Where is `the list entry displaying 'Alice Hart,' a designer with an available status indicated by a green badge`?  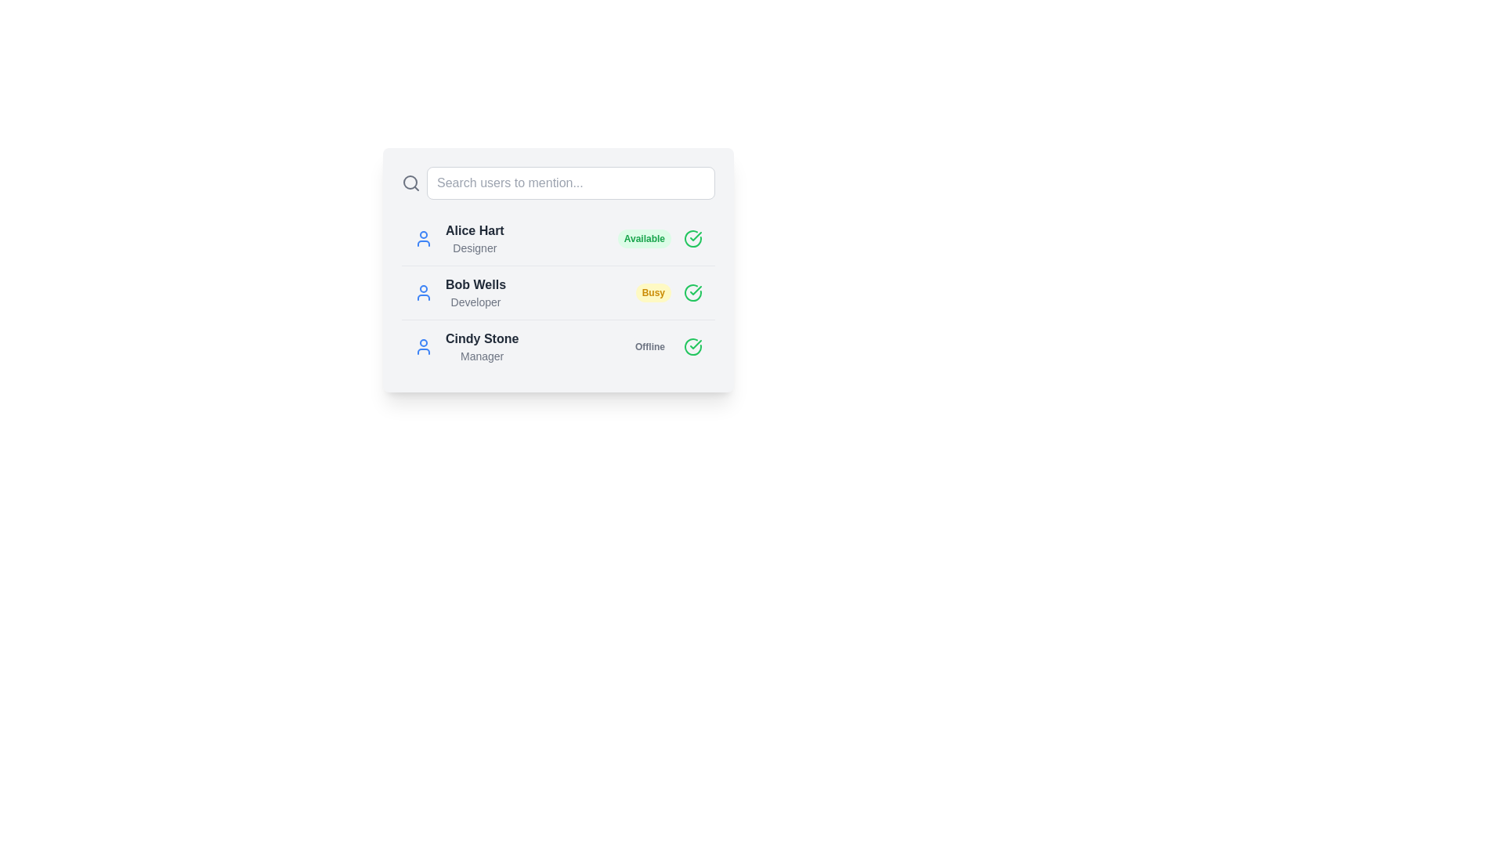 the list entry displaying 'Alice Hart,' a designer with an available status indicated by a green badge is located at coordinates (559, 238).